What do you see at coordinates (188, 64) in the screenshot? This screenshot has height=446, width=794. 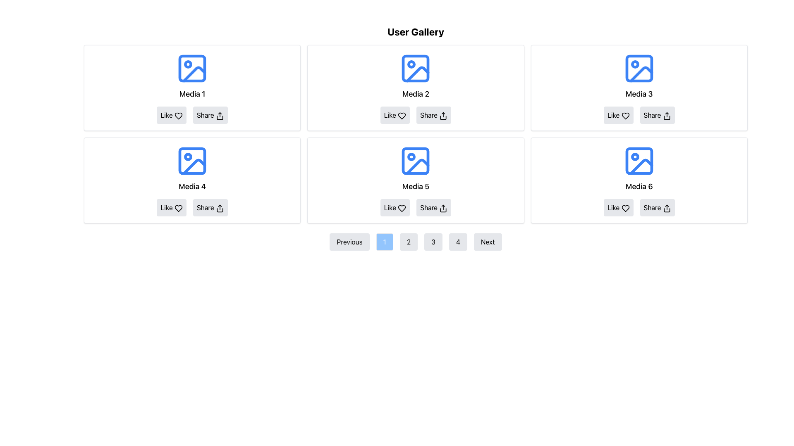 I see `the icon or marker within the first media card in the top-left corner of the gallery, which is embedded in the image icon and located near the top-left corner of the blue-outlined frame` at bounding box center [188, 64].